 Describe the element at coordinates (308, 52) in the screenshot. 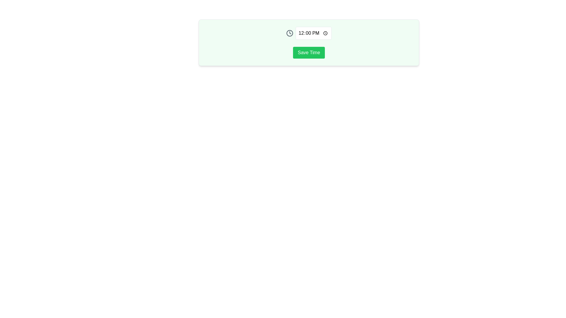

I see `the rectangular green button labeled 'Save Time' to observe the hover effect` at that location.